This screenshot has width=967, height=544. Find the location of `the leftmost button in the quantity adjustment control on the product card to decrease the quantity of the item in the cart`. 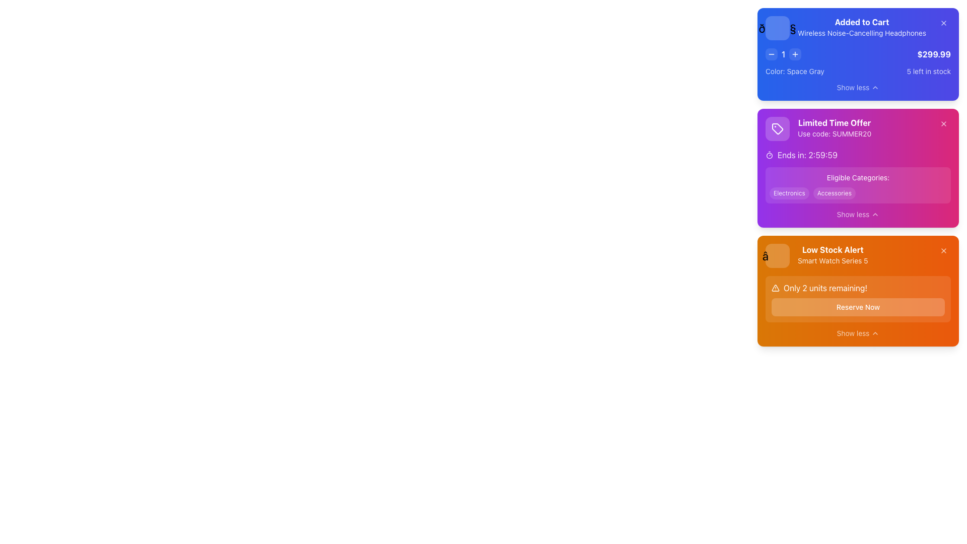

the leftmost button in the quantity adjustment control on the product card to decrease the quantity of the item in the cart is located at coordinates (771, 54).